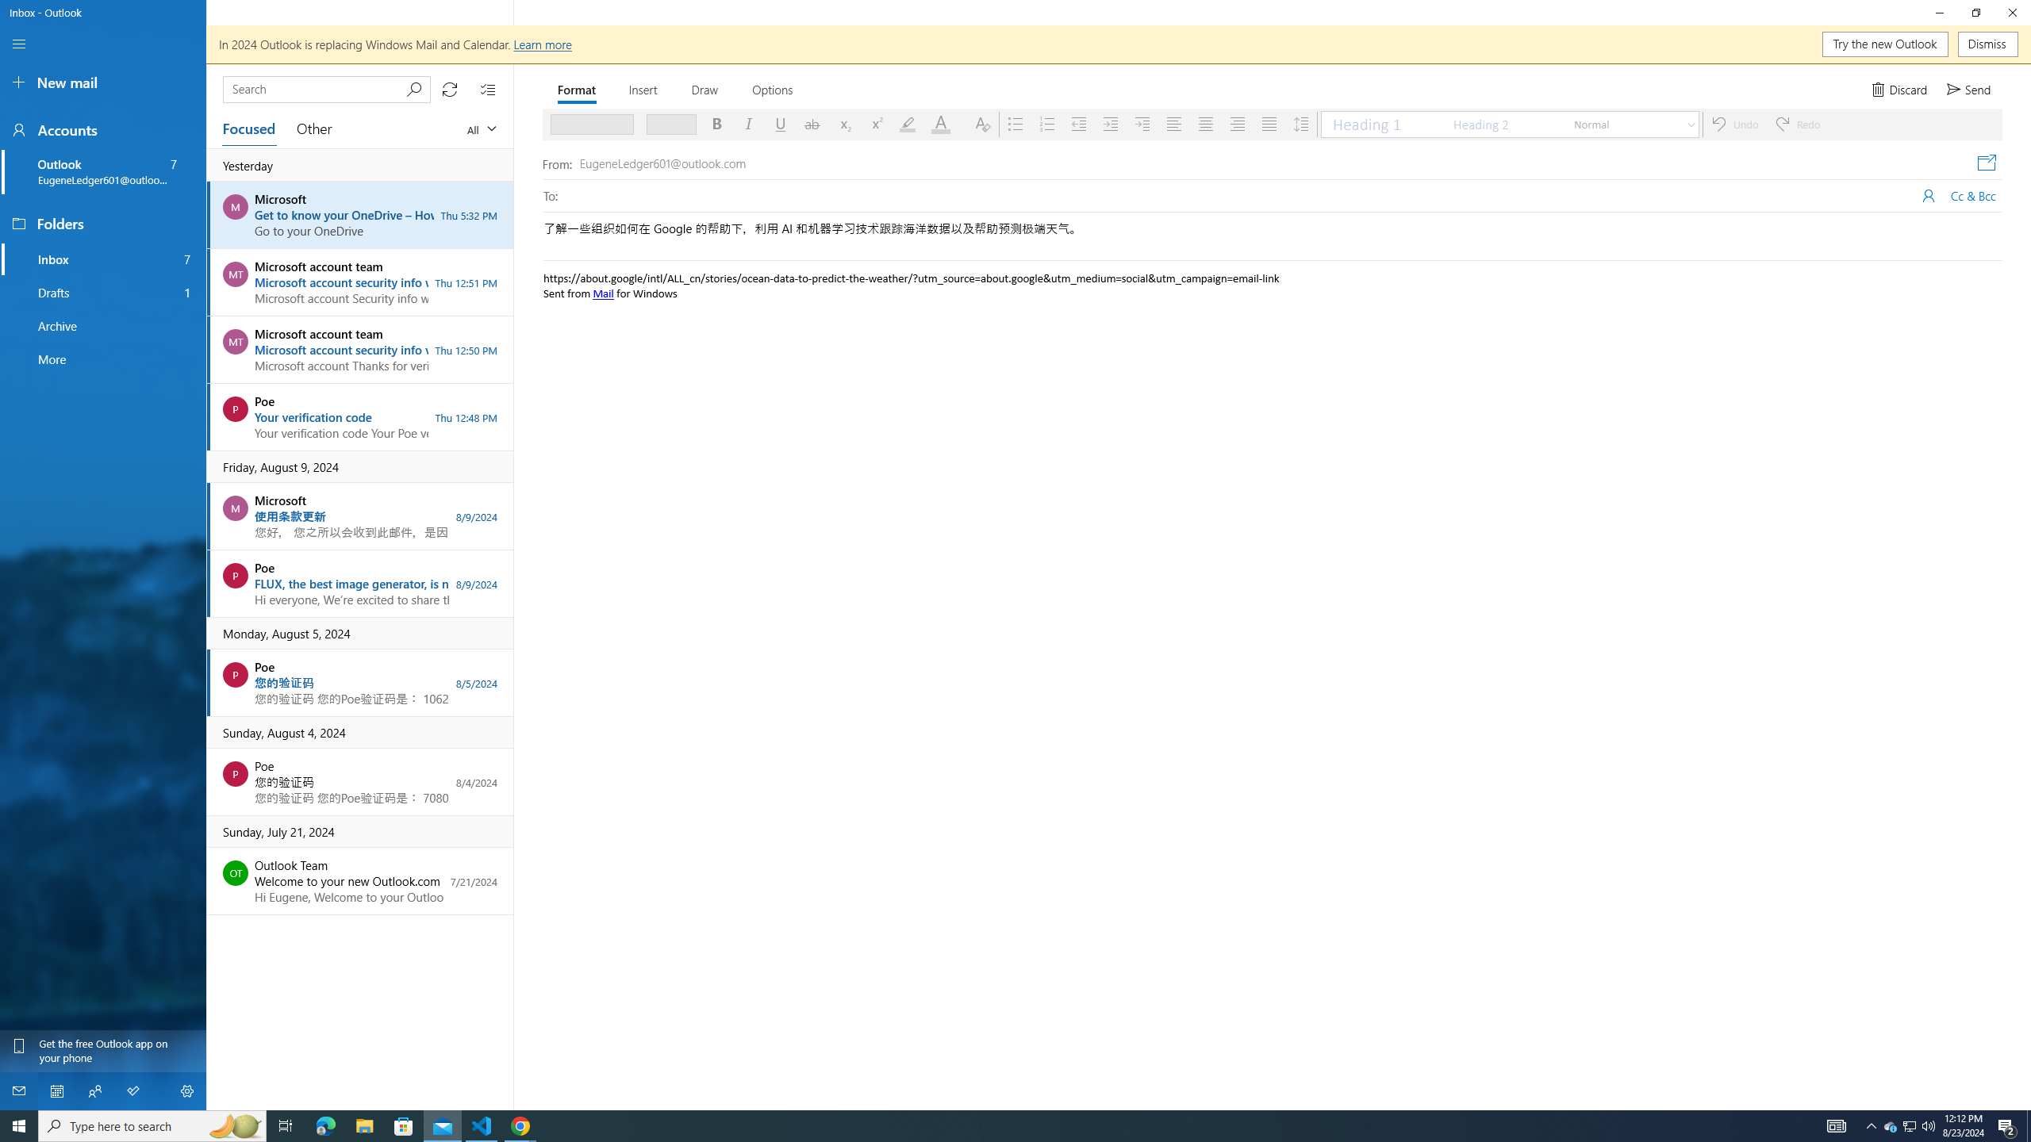 This screenshot has height=1142, width=2031. I want to click on 'Subject', so click(1273, 236).